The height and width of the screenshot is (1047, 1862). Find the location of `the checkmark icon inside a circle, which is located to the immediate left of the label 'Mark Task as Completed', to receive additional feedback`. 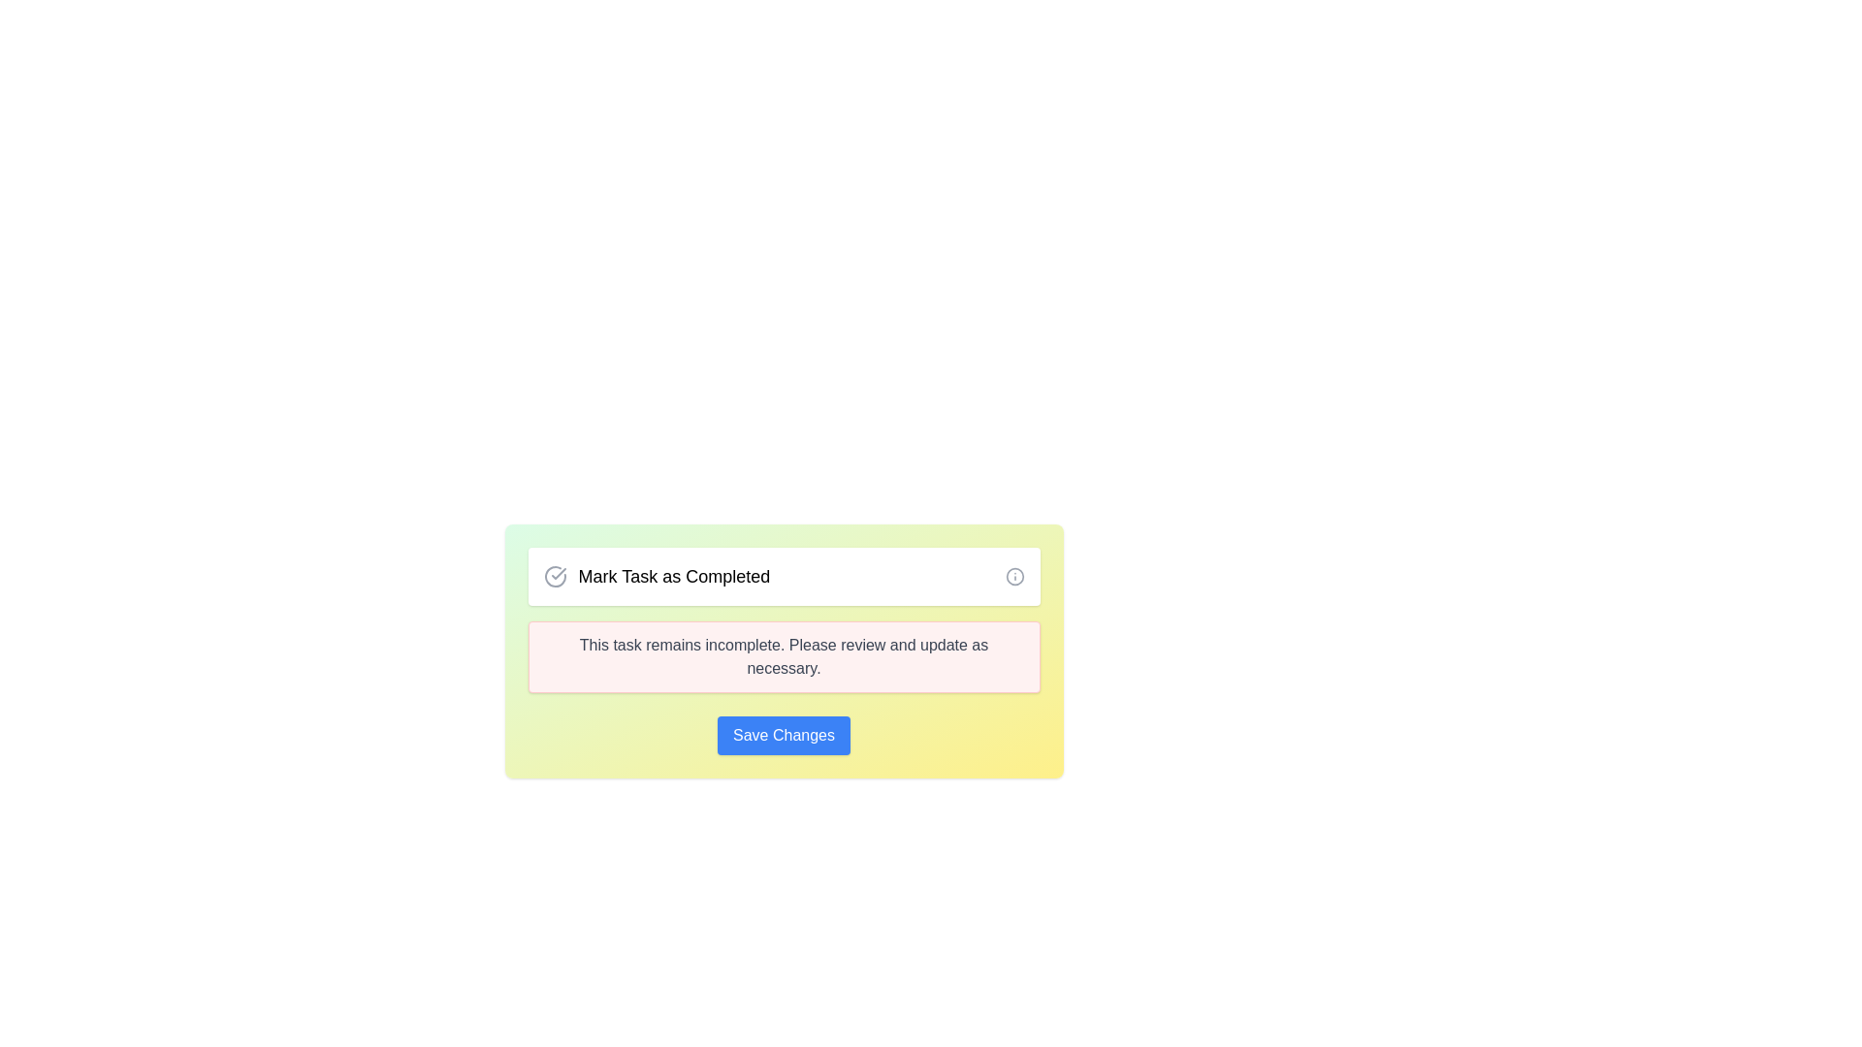

the checkmark icon inside a circle, which is located to the immediate left of the label 'Mark Task as Completed', to receive additional feedback is located at coordinates (554, 575).